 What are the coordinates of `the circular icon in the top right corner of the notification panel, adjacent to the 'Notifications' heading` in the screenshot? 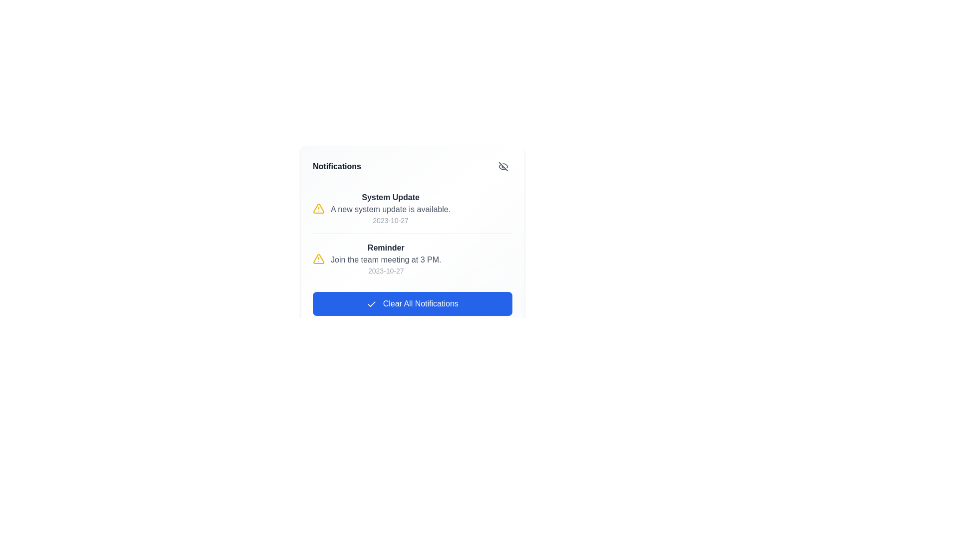 It's located at (503, 166).